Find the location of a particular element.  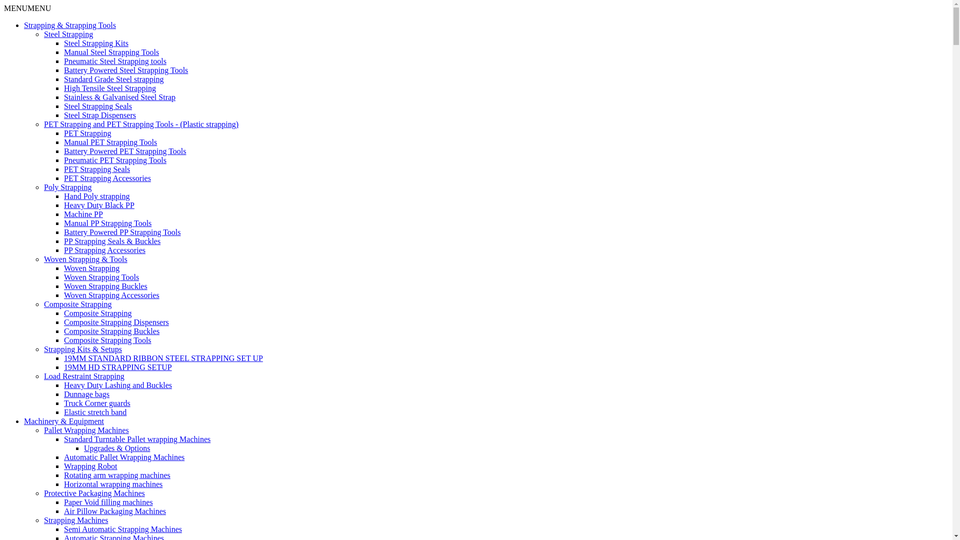

'Manual PET Strapping Tools' is located at coordinates (63, 142).